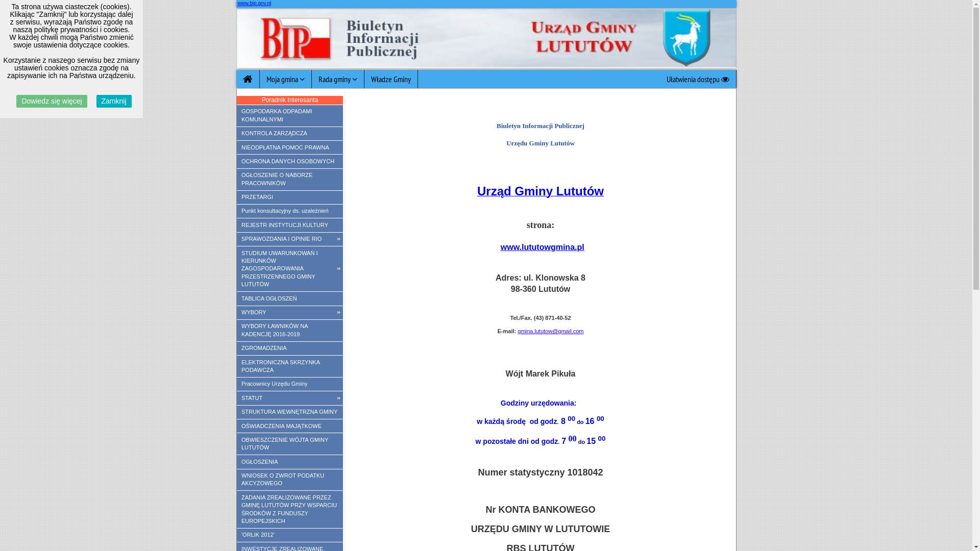 This screenshot has height=551, width=980. What do you see at coordinates (310, 78) in the screenshot?
I see `'Rada gminy'` at bounding box center [310, 78].